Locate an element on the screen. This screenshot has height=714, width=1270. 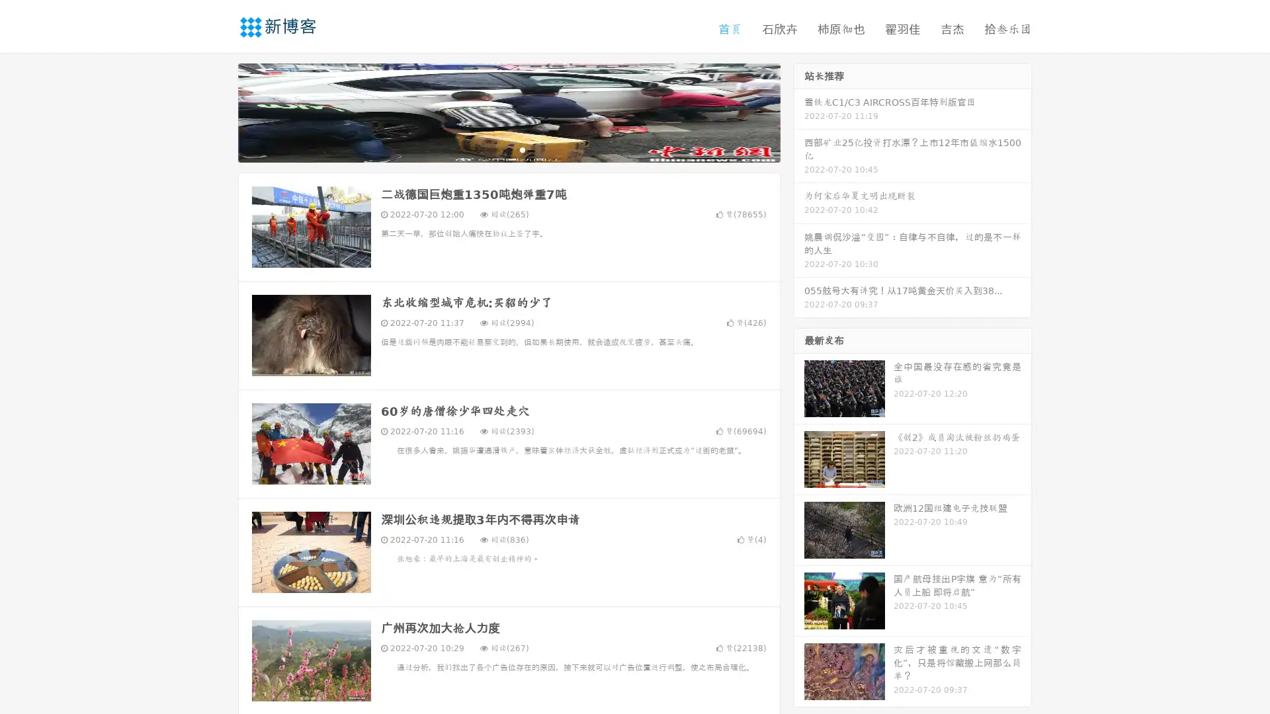
Previous slide is located at coordinates (218, 111).